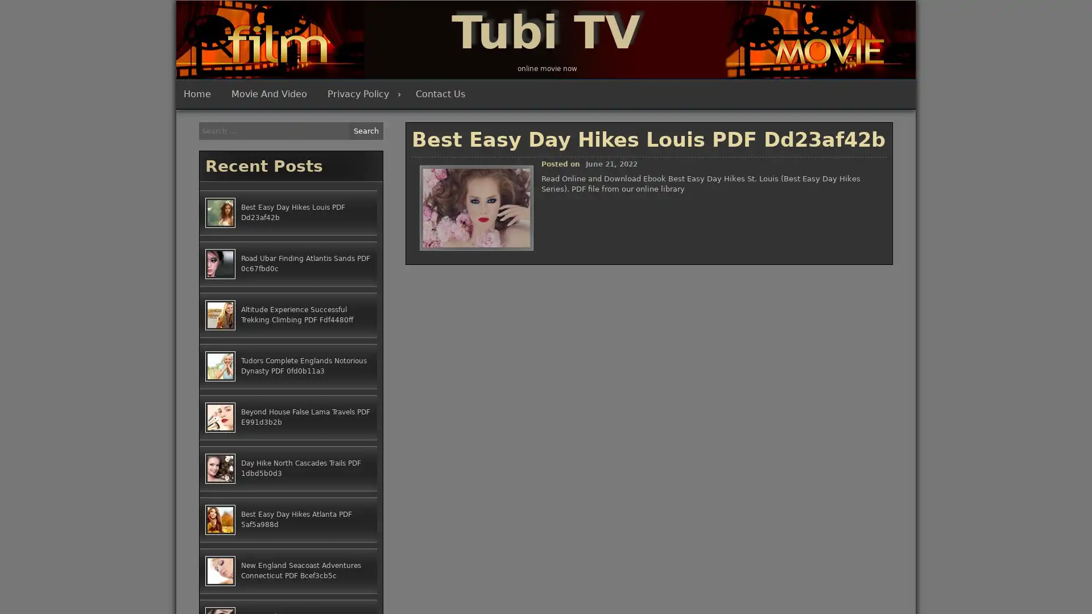 This screenshot has width=1092, height=614. Describe the element at coordinates (366, 130) in the screenshot. I see `Search` at that location.